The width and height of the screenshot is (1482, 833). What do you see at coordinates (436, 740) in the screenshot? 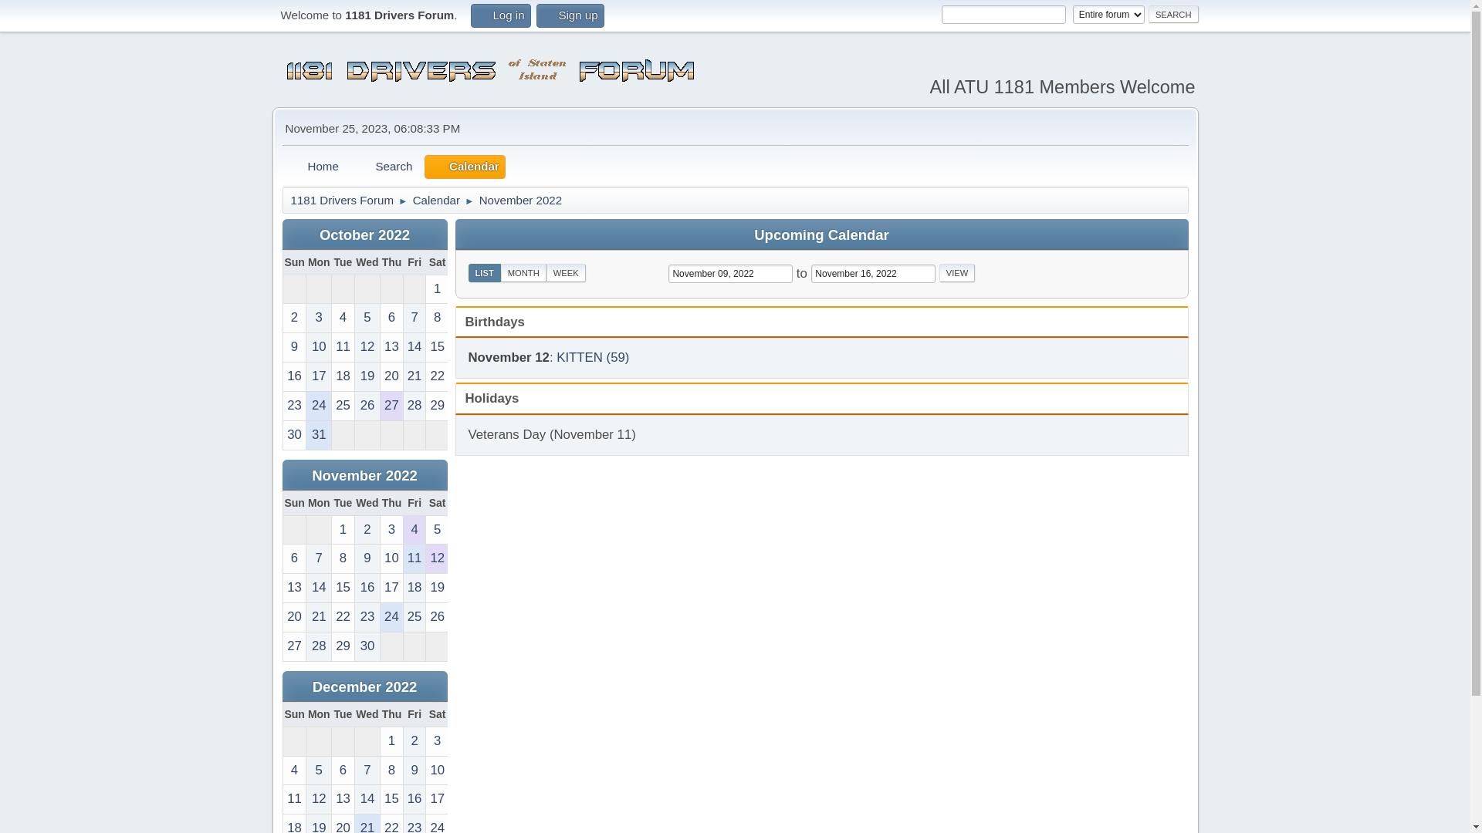
I see `'3'` at bounding box center [436, 740].